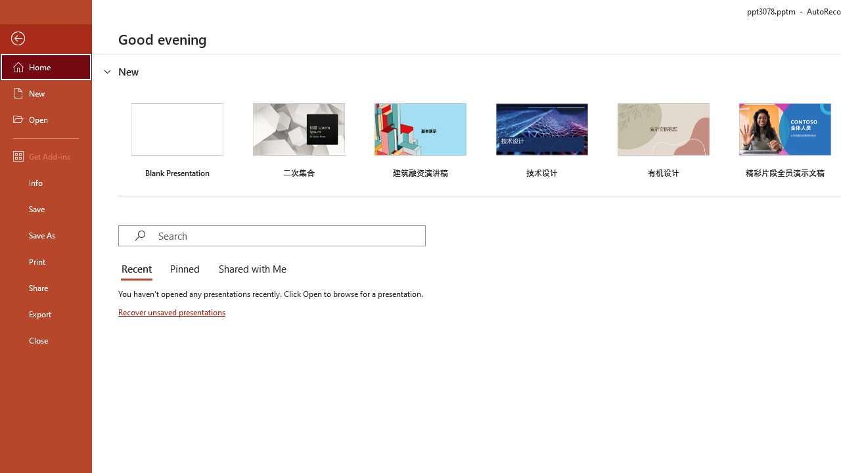  Describe the element at coordinates (139, 269) in the screenshot. I see `'Recent'` at that location.